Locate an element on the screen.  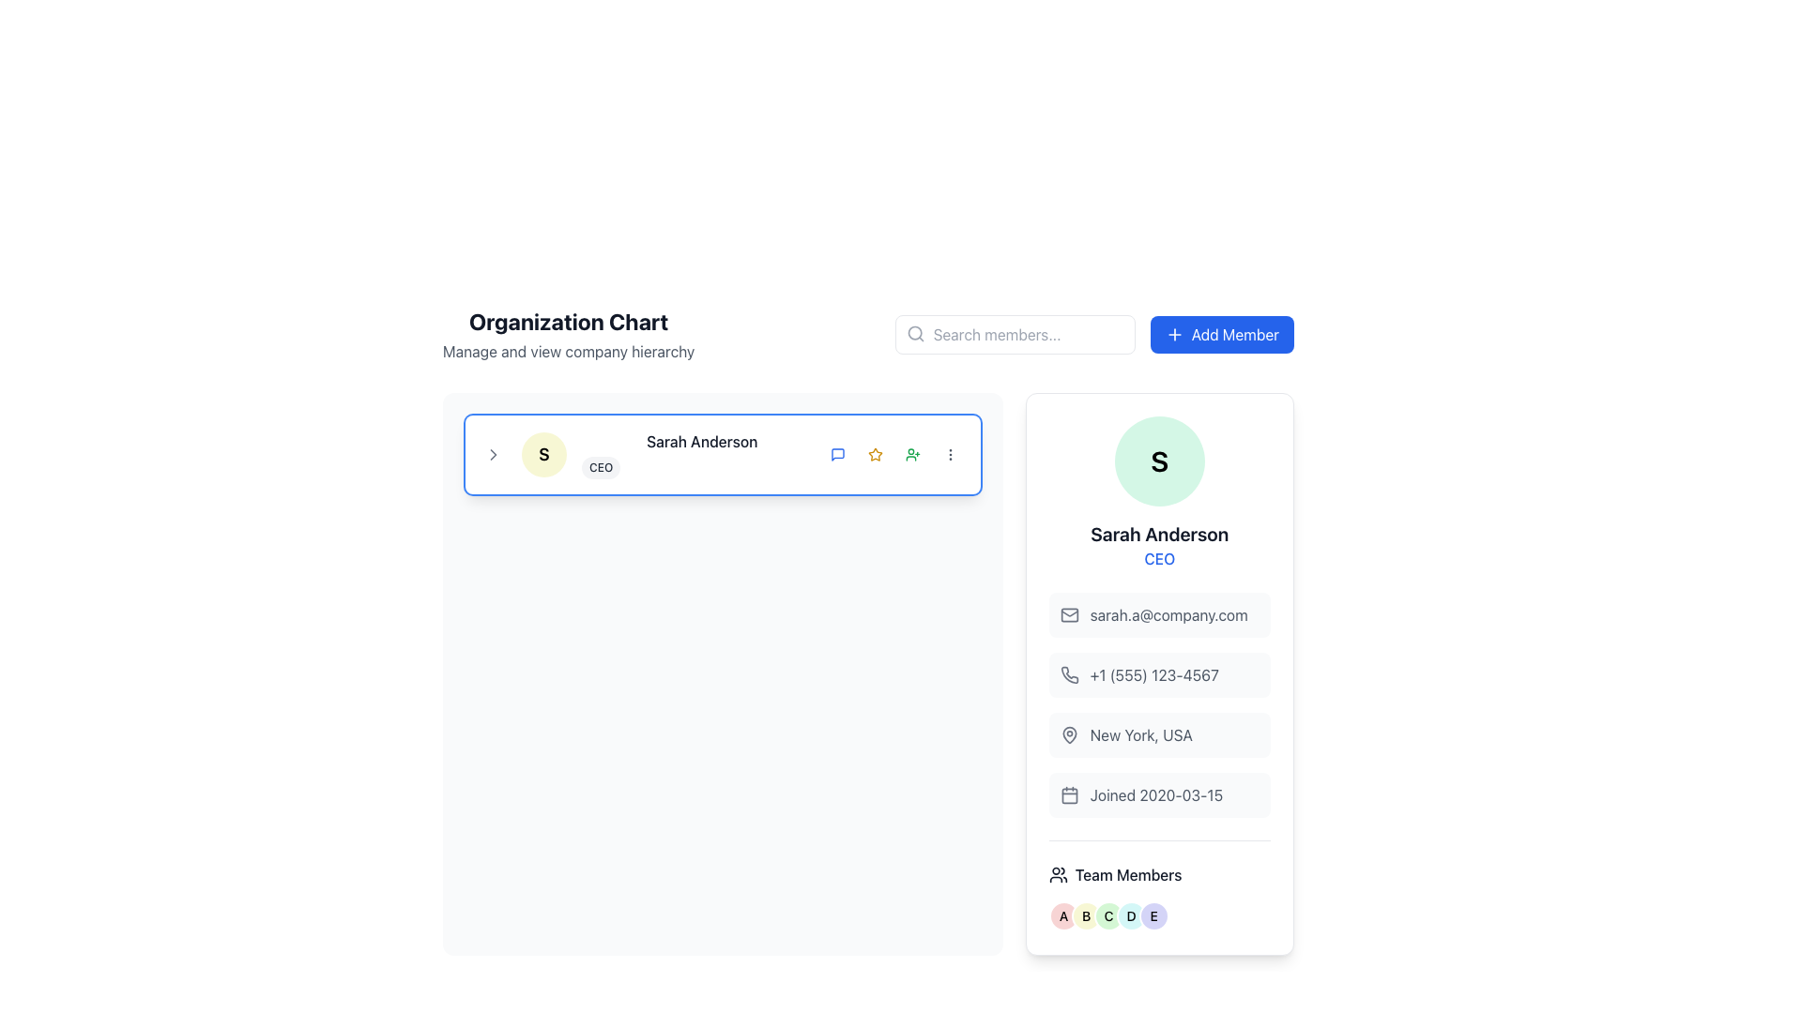
the SVG circle that represents the lens in the magnifying glass icon located in the top-right section of the interface, adjacent to the 'Add Member' button is located at coordinates (914, 332).